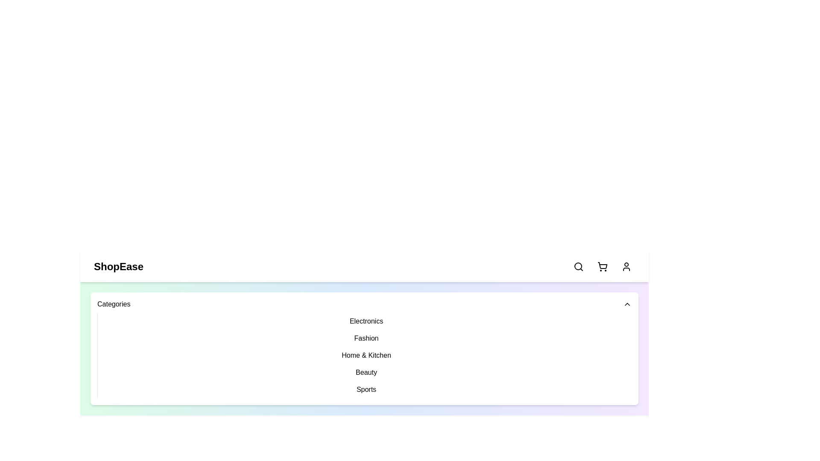 Image resolution: width=820 pixels, height=461 pixels. Describe the element at coordinates (602, 266) in the screenshot. I see `the shopping cart button located at the top-right corner of the interface` at that location.